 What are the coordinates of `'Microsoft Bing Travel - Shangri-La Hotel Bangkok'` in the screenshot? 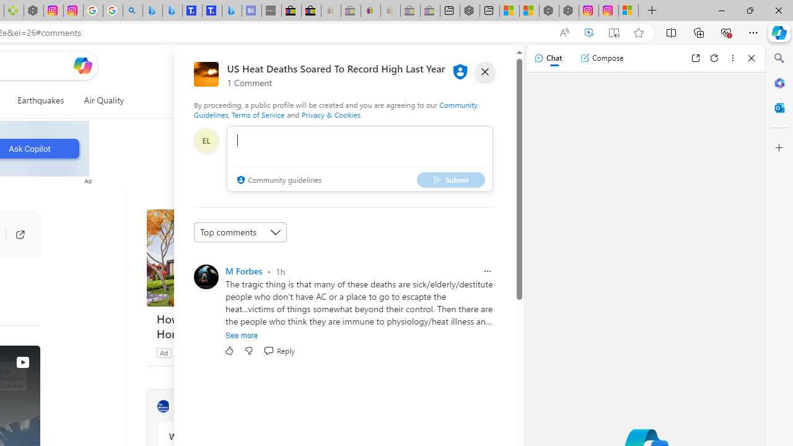 It's located at (232, 11).